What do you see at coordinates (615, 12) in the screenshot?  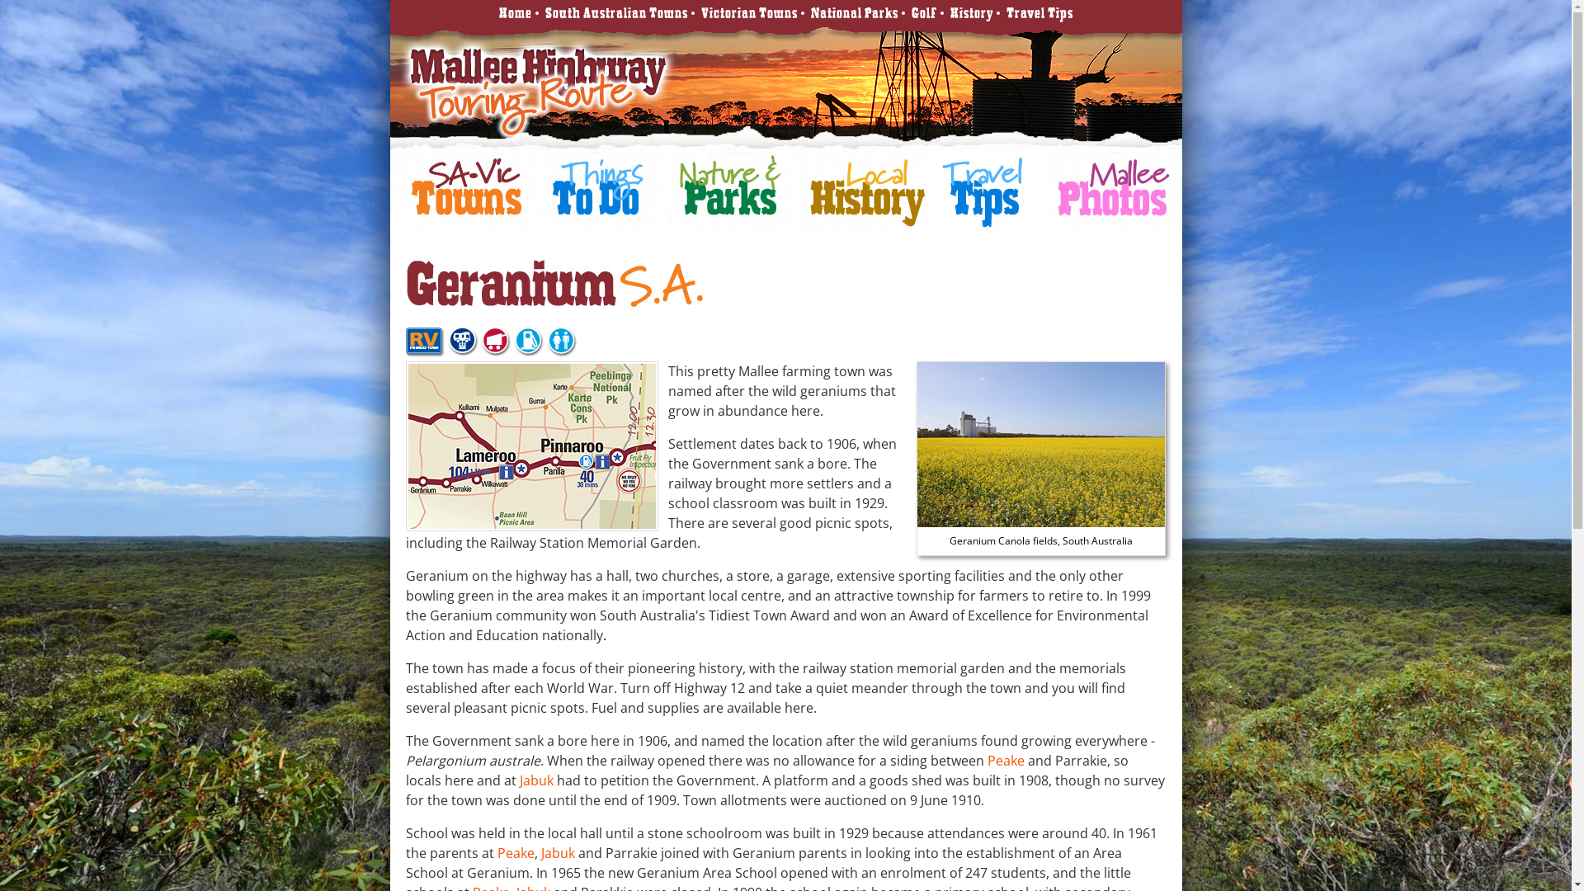 I see `'South Australian Towns'` at bounding box center [615, 12].